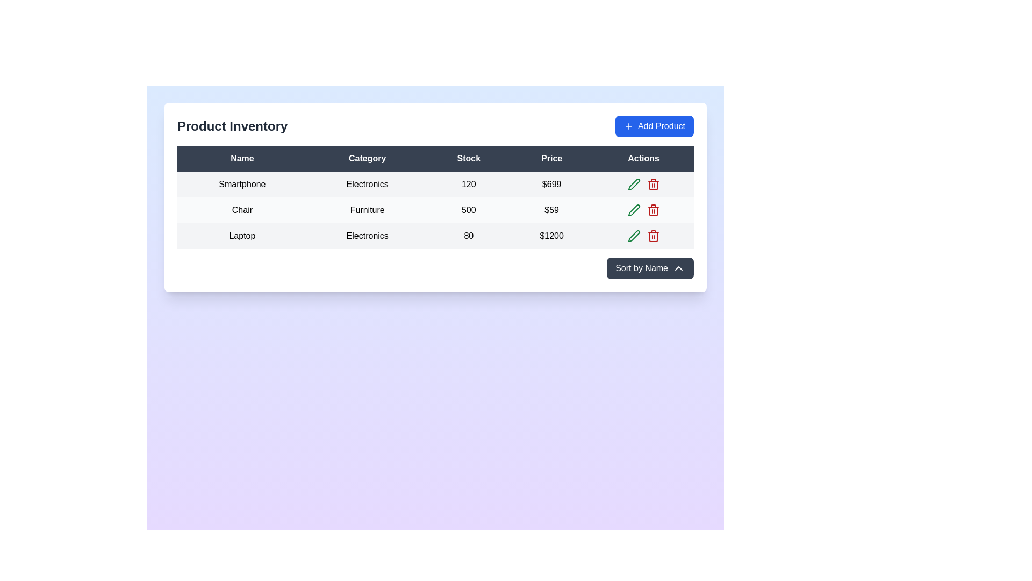 The height and width of the screenshot is (581, 1032). I want to click on the 'Stock' value text of the 'Laptop' item in the inventory table, so click(469, 236).